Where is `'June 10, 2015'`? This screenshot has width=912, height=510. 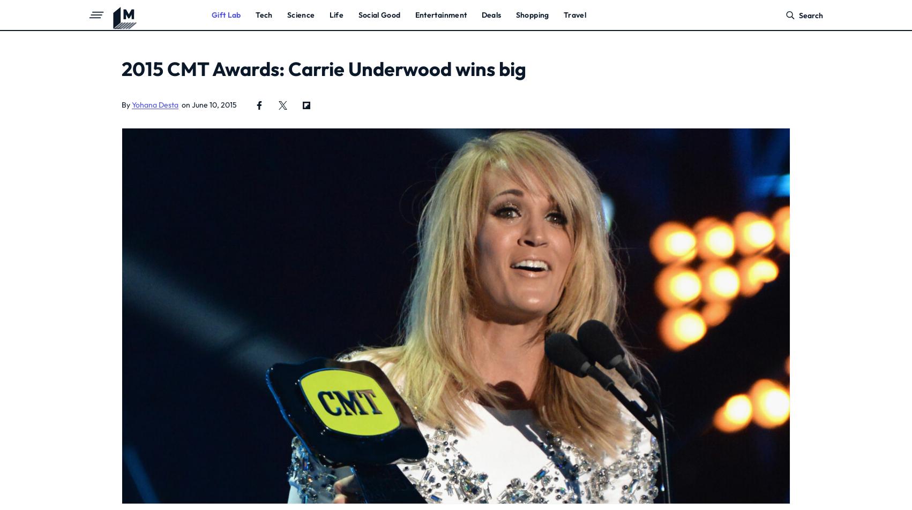 'June 10, 2015' is located at coordinates (214, 104).